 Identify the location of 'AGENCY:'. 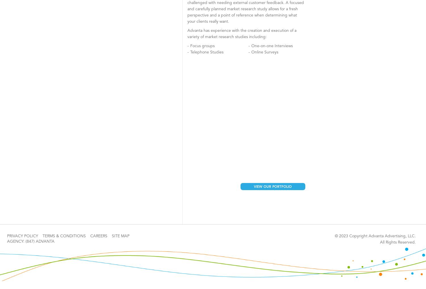
(16, 242).